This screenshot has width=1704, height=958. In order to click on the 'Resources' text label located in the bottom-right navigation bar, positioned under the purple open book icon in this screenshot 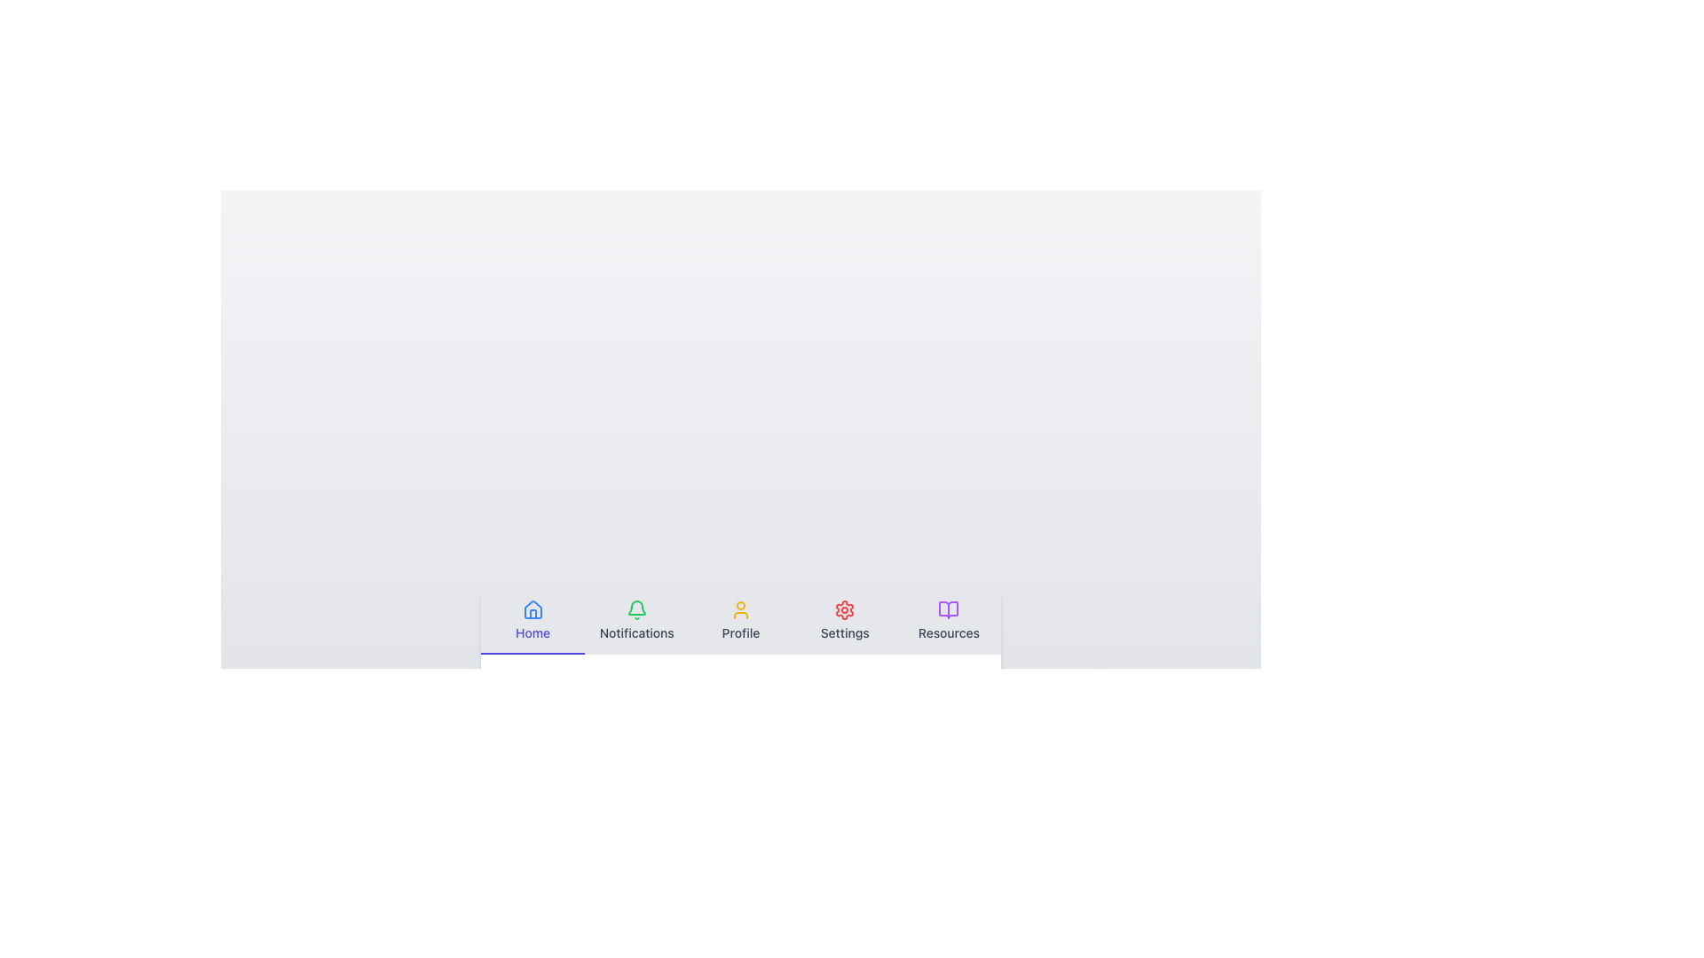, I will do `click(948, 632)`.